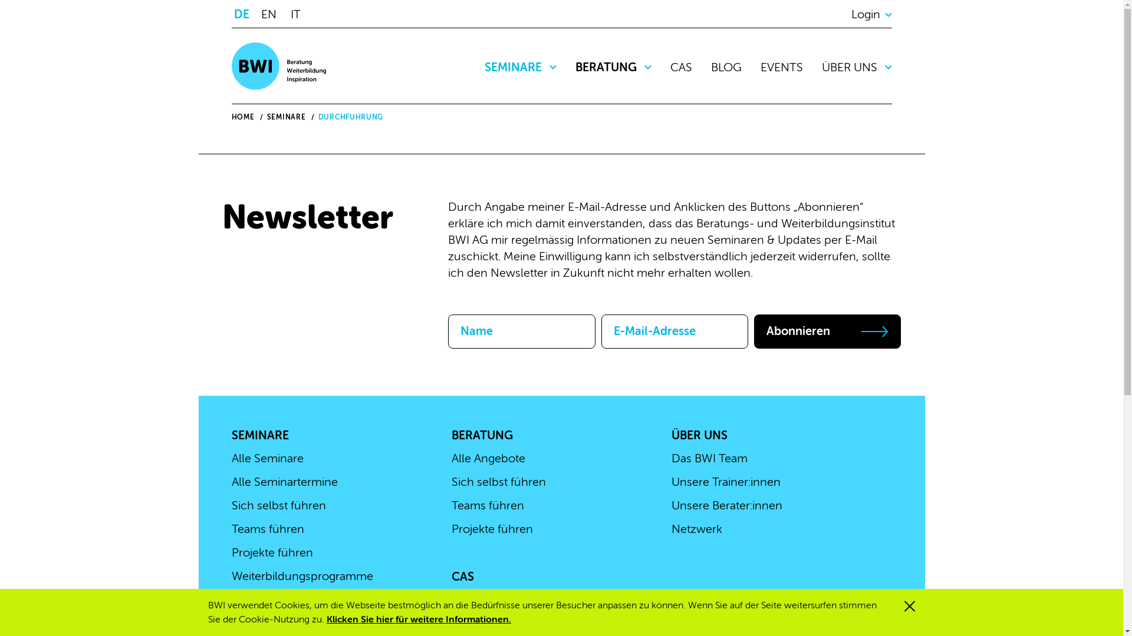 Image resolution: width=1132 pixels, height=636 pixels. Describe the element at coordinates (271, 14) in the screenshot. I see `'EN'` at that location.